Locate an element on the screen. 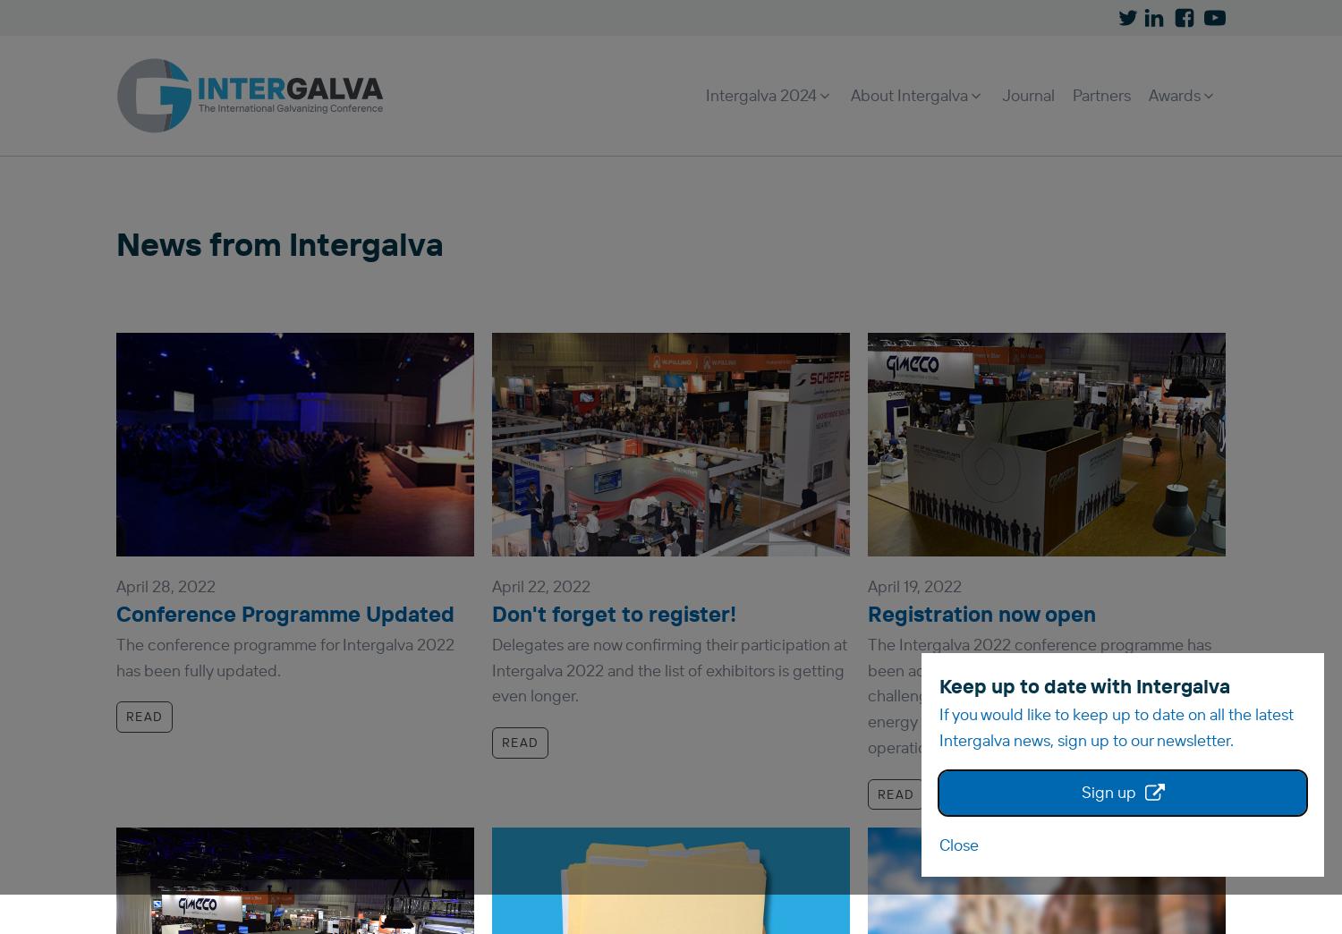 The width and height of the screenshot is (1342, 934). 'Global Galvanizing Awards 2012' is located at coordinates (956, 293).